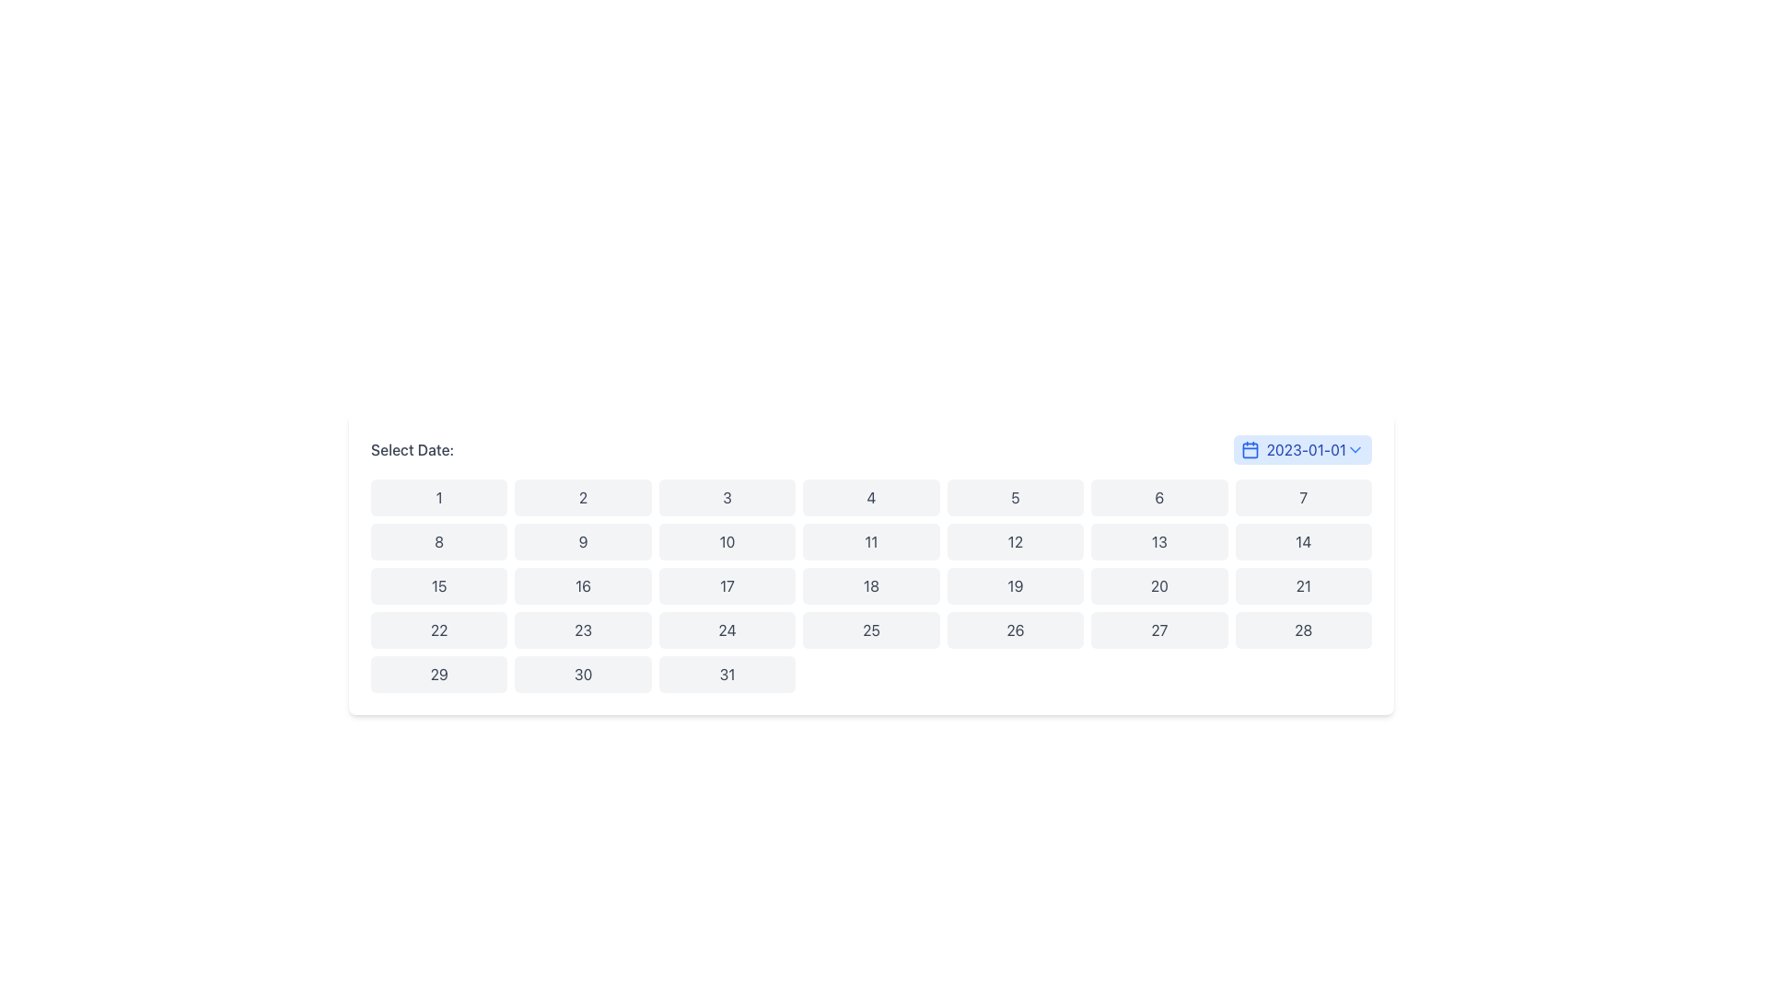 This screenshot has width=1768, height=994. What do you see at coordinates (582, 674) in the screenshot?
I see `the rectangular button labeled '30' with a light gray background` at bounding box center [582, 674].